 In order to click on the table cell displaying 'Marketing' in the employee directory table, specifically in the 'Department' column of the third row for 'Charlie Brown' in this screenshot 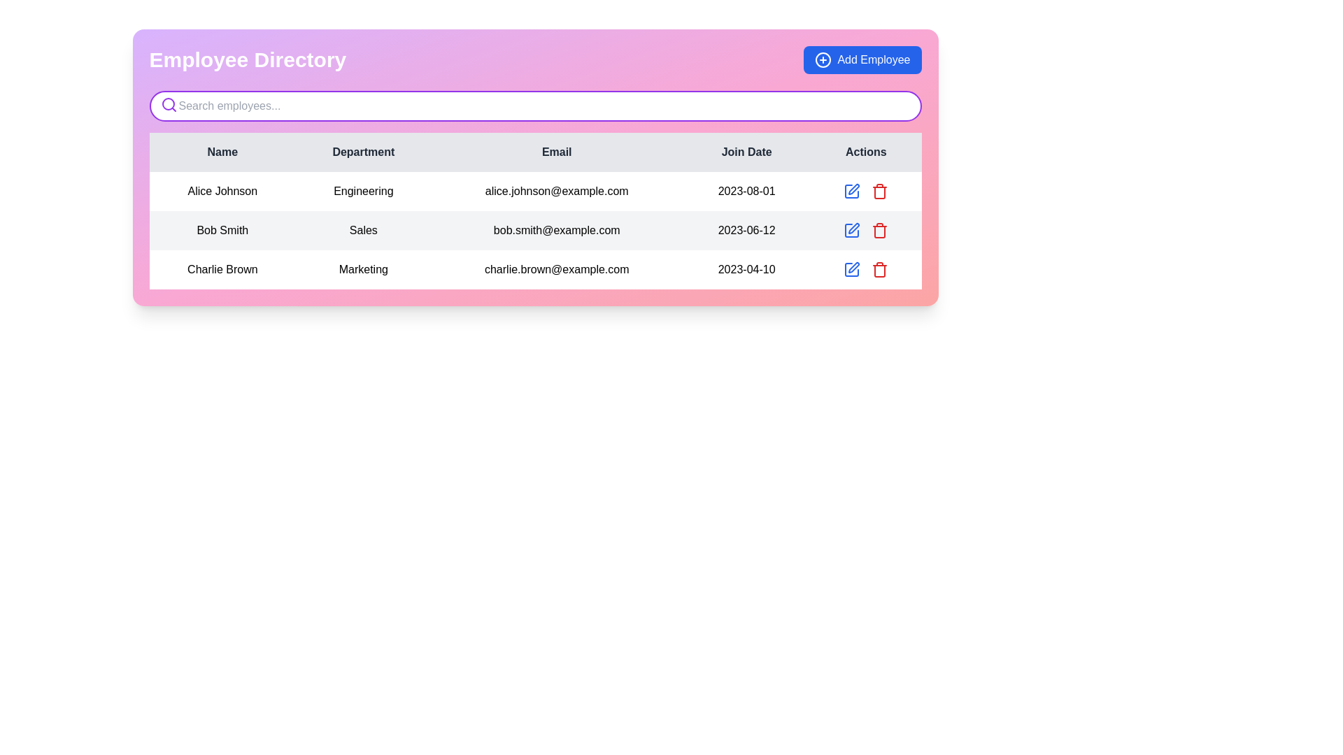, I will do `click(363, 269)`.